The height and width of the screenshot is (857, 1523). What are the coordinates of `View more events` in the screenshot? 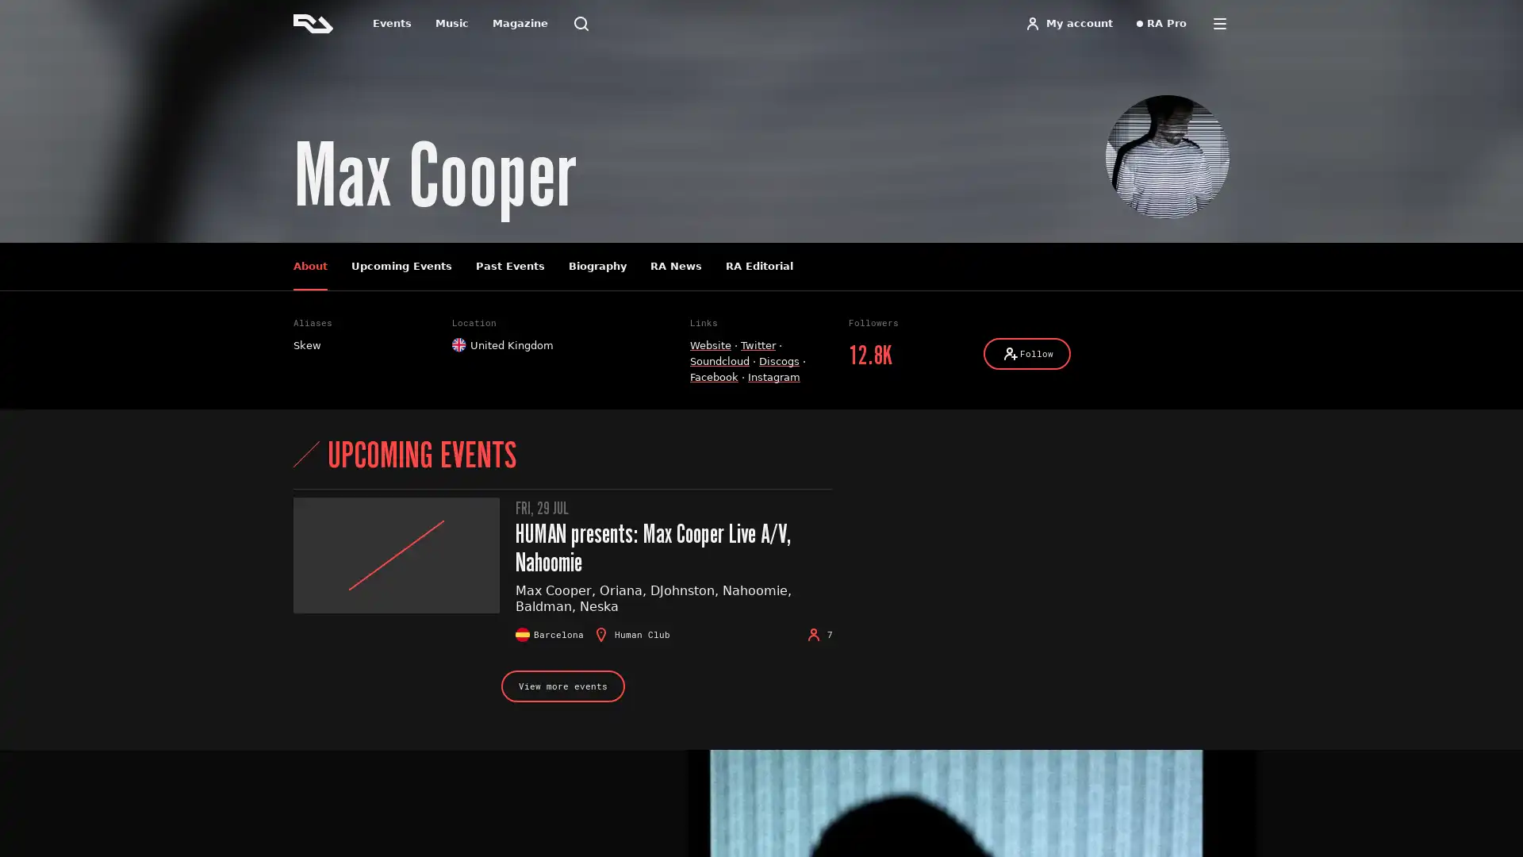 It's located at (563, 685).